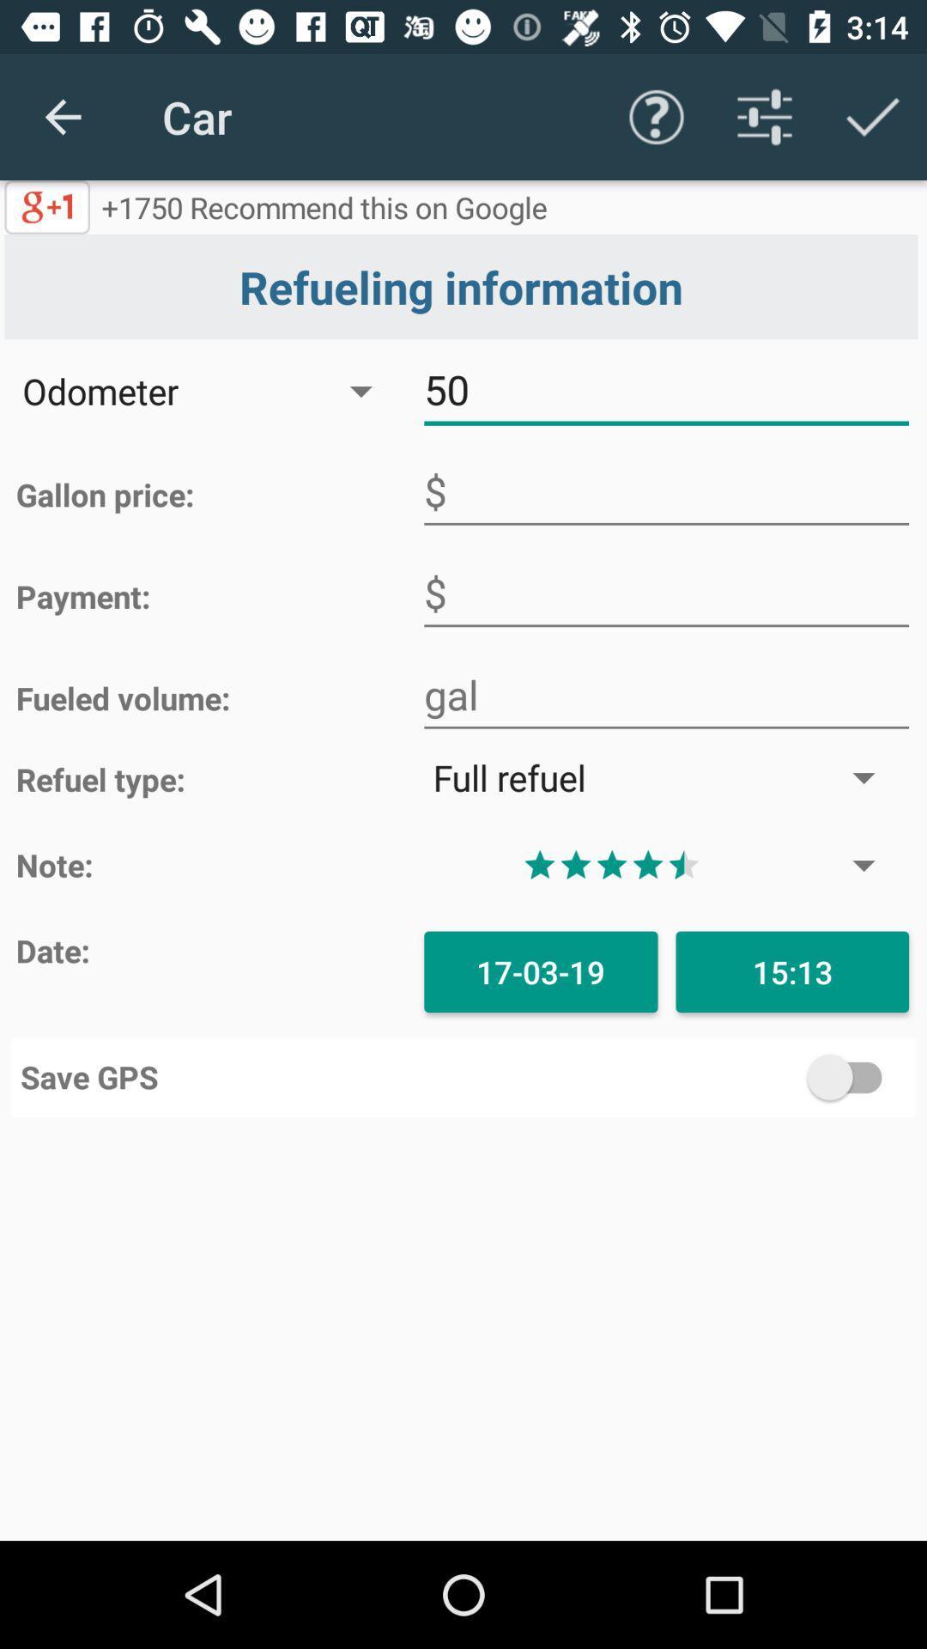 This screenshot has width=927, height=1649. Describe the element at coordinates (665, 490) in the screenshot. I see `input gallon price` at that location.